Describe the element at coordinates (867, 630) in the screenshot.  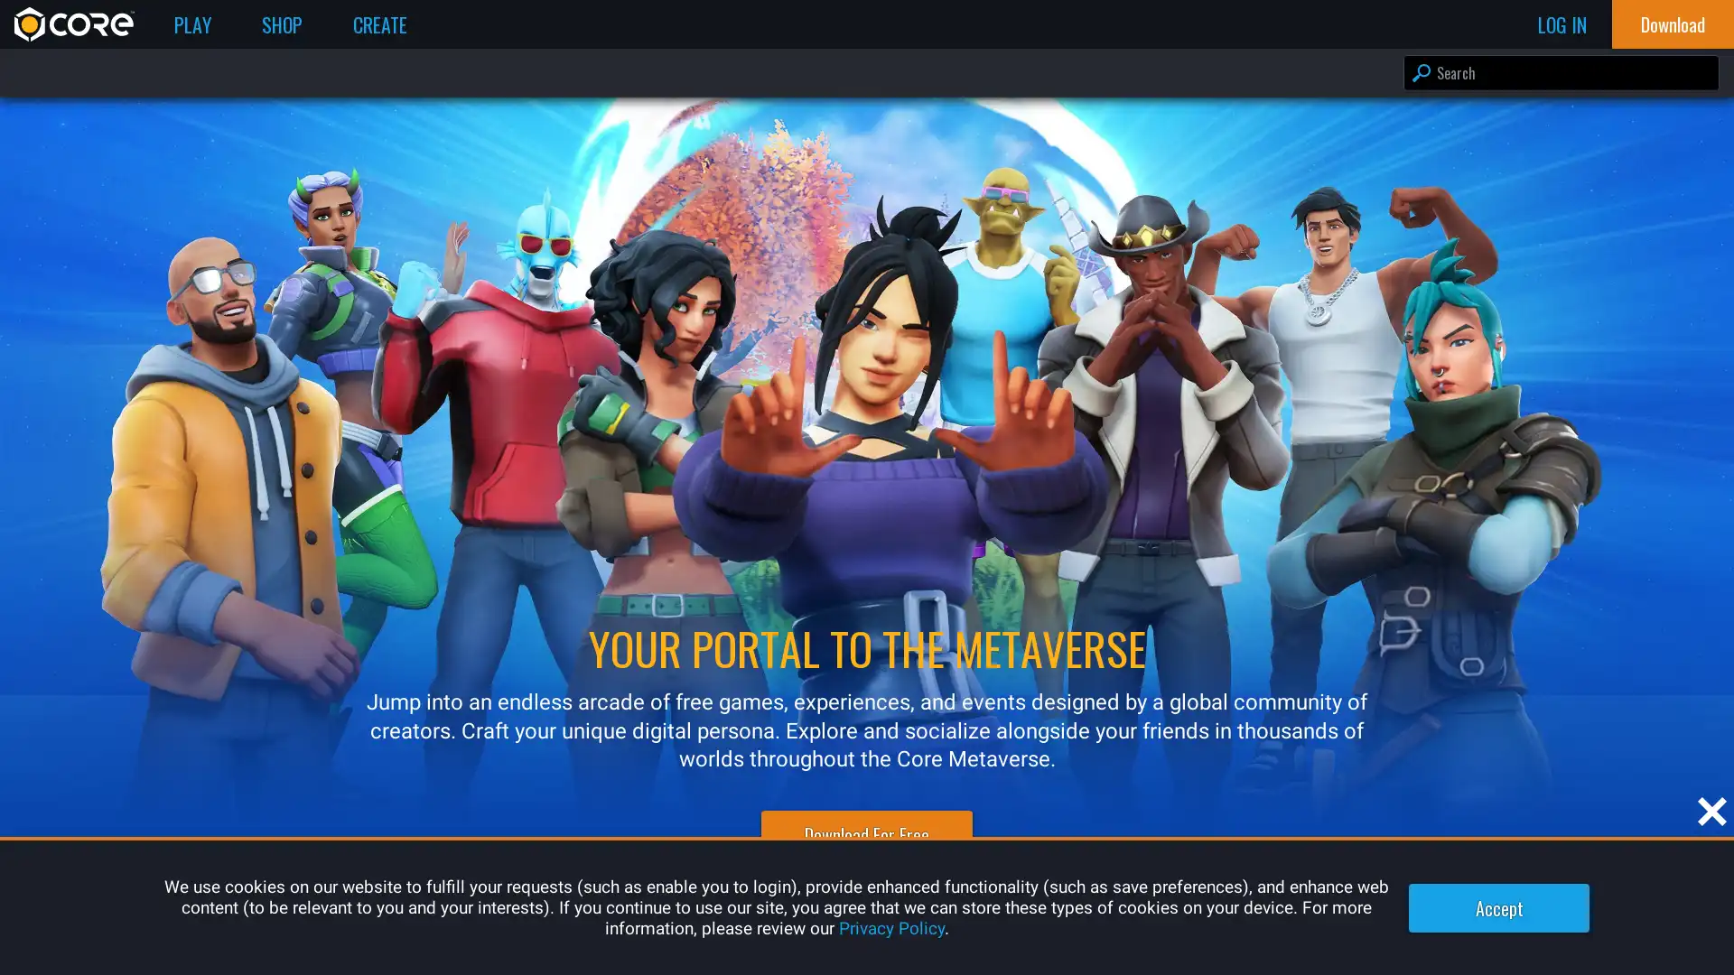
I see `Log In` at that location.